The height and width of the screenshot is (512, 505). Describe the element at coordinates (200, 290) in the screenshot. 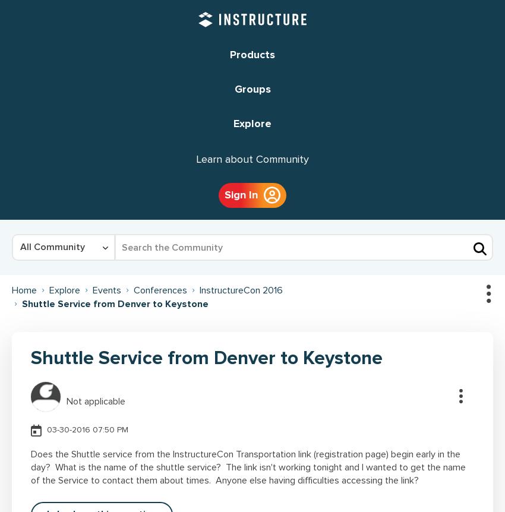

I see `'InstructureCon 2016'` at that location.